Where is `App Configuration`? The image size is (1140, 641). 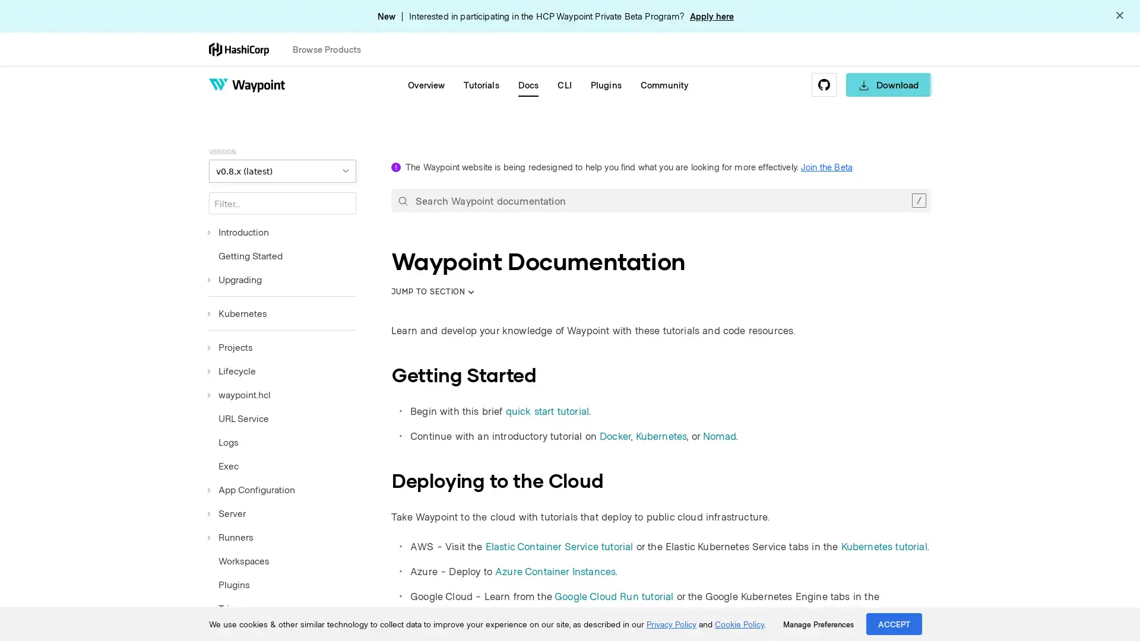
App Configuration is located at coordinates (251, 490).